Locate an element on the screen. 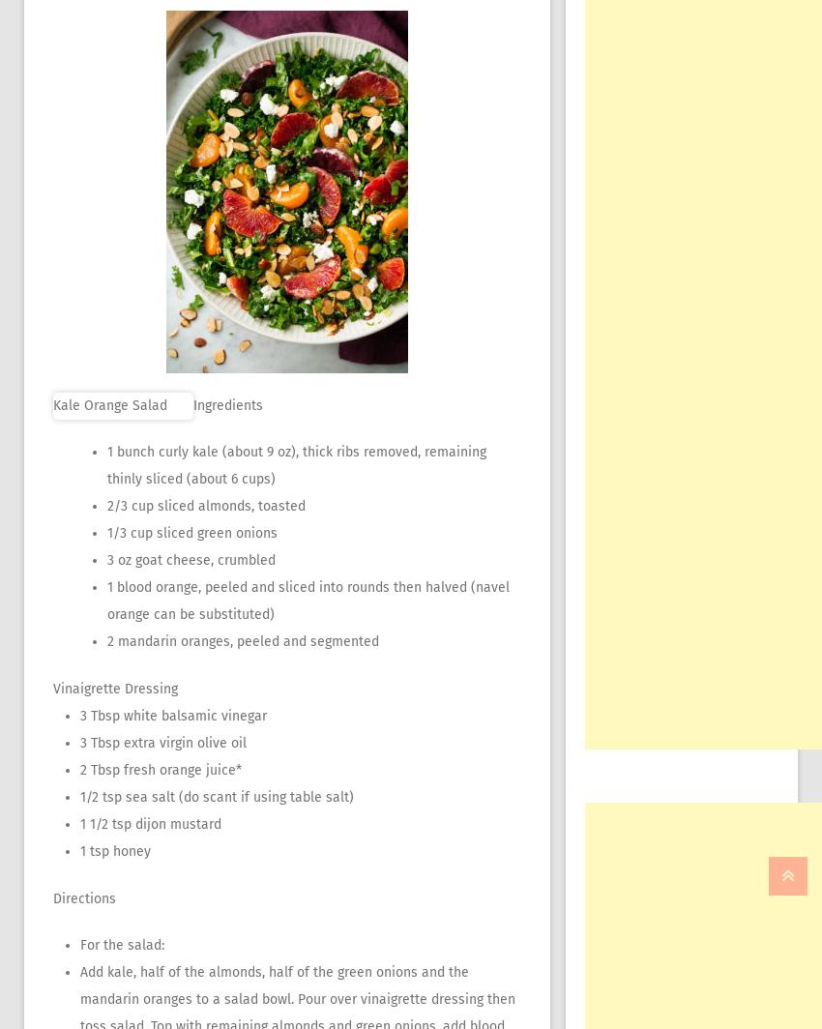 The image size is (822, 1029). '2 mandarin oranges, peeled and segmented' is located at coordinates (106, 641).